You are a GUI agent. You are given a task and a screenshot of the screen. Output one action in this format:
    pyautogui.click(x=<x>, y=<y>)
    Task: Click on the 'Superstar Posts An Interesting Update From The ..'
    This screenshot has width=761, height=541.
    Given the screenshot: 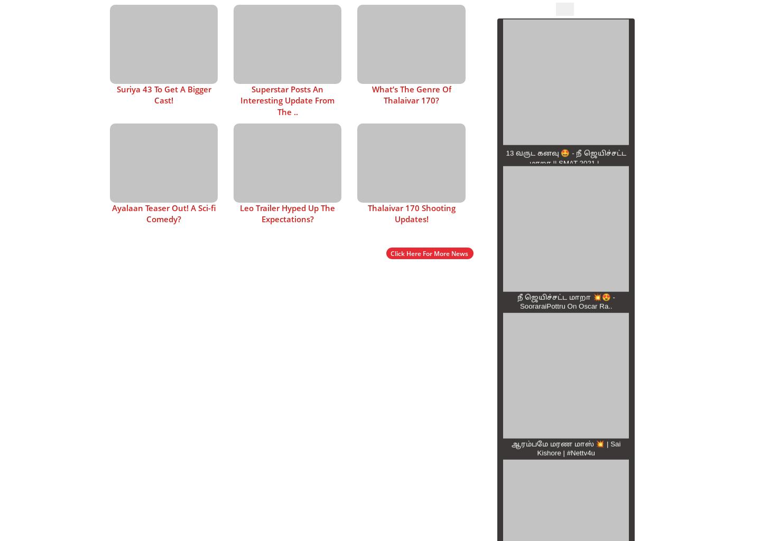 What is the action you would take?
    pyautogui.click(x=287, y=100)
    